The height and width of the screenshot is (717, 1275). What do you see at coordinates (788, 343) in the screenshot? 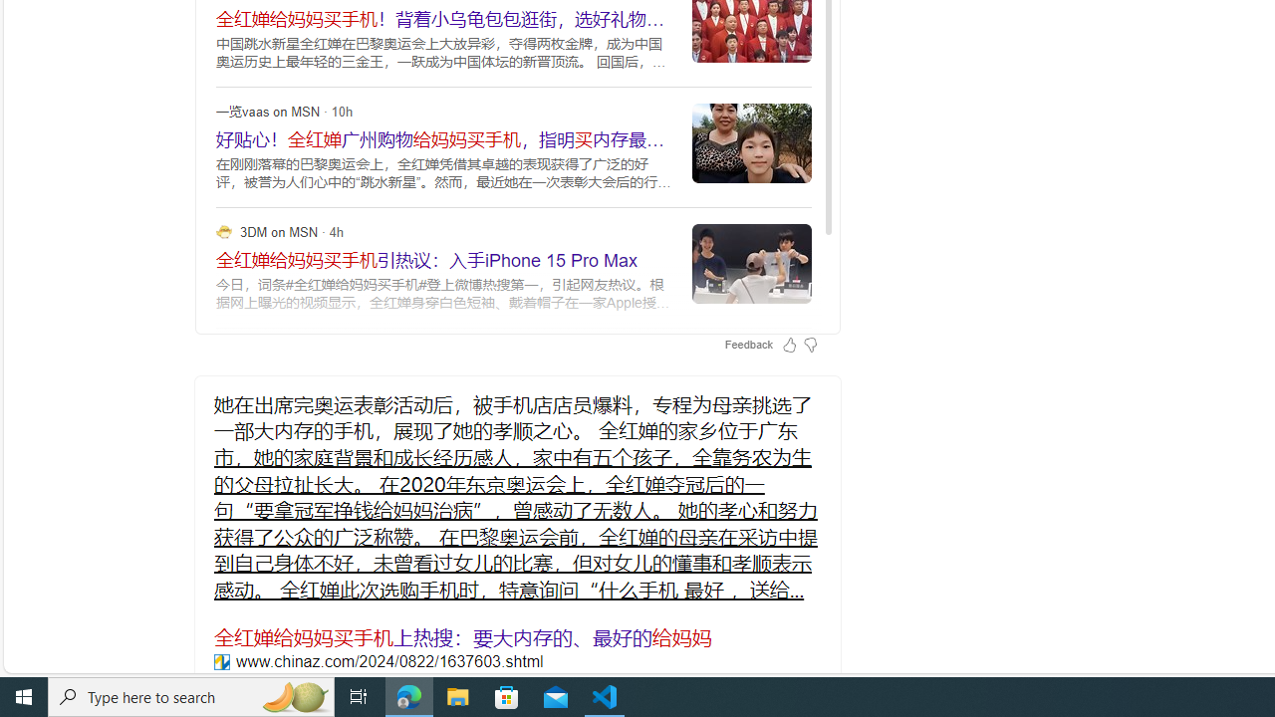
I see `'Feedback Like'` at bounding box center [788, 343].